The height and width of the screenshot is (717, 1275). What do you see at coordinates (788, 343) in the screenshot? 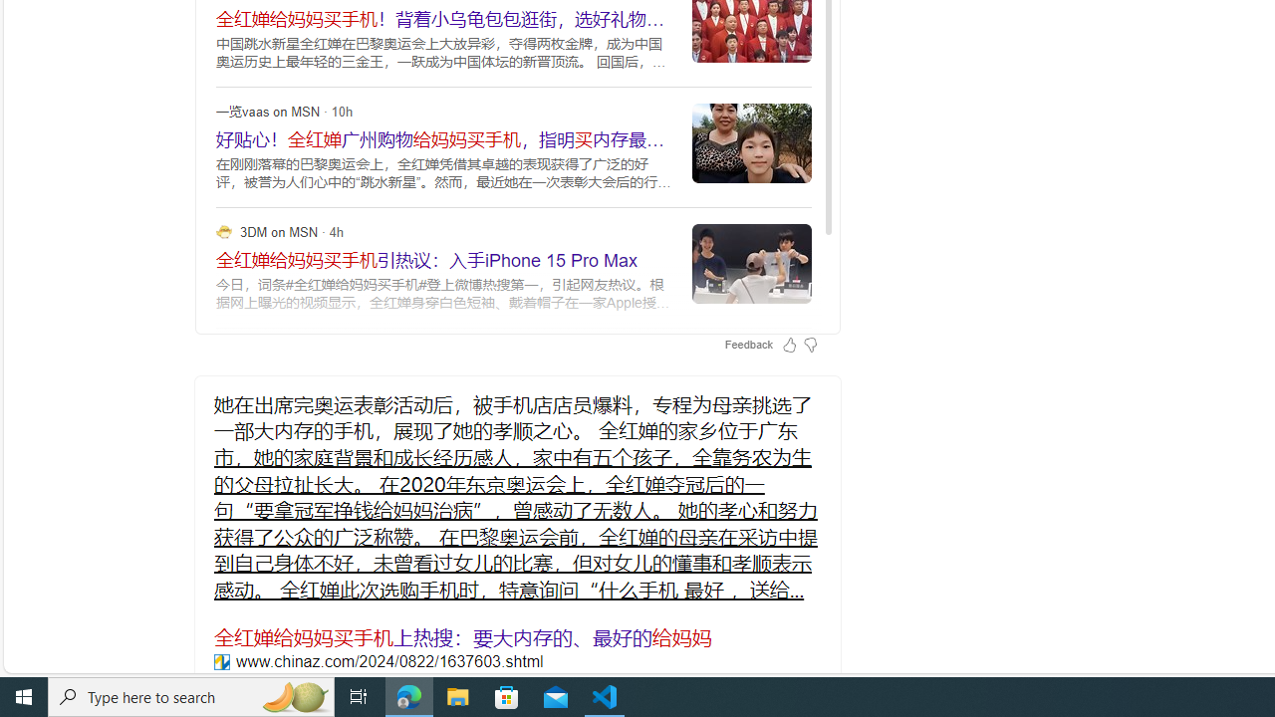
I see `'Feedback Like'` at bounding box center [788, 343].